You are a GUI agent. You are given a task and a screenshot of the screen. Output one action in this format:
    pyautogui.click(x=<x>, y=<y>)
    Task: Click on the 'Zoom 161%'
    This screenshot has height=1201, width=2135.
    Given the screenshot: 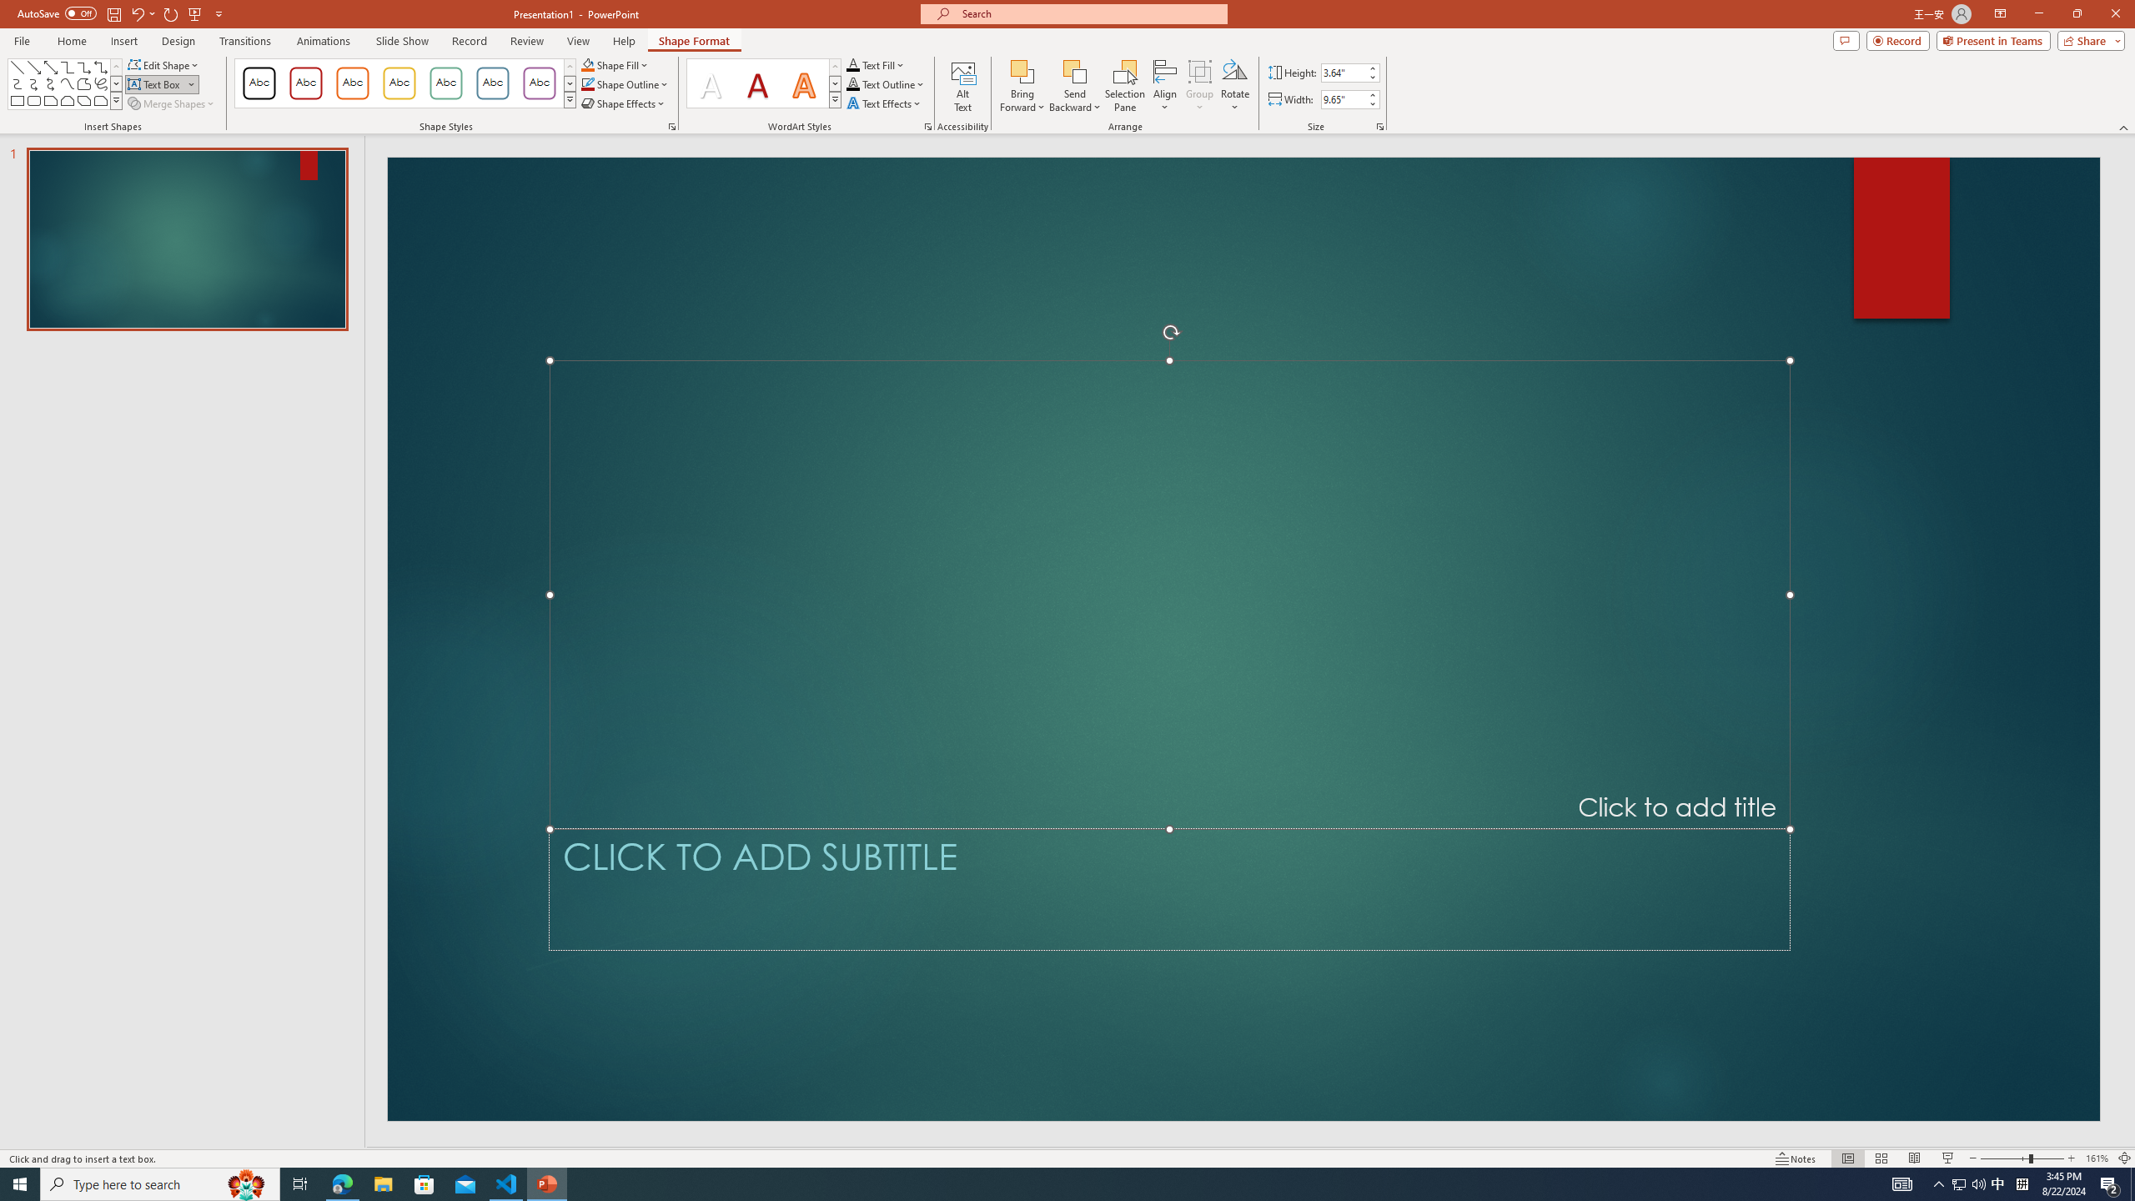 What is the action you would take?
    pyautogui.click(x=2097, y=1158)
    